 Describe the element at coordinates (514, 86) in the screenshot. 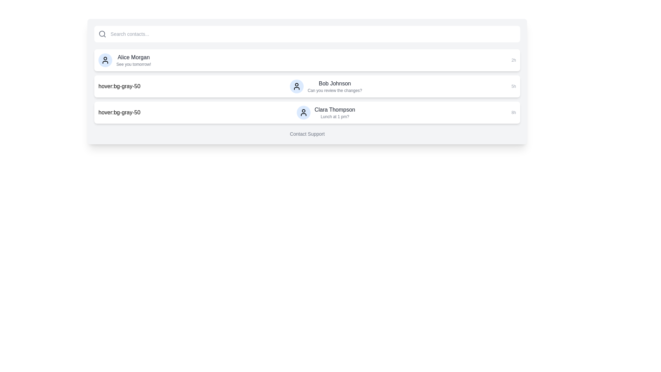

I see `Text Label displaying the elapsed time (5 hours ago) in the second row of the list, aligned with the name 'Bob Johnson' and the message 'Can you review the changes?'` at that location.